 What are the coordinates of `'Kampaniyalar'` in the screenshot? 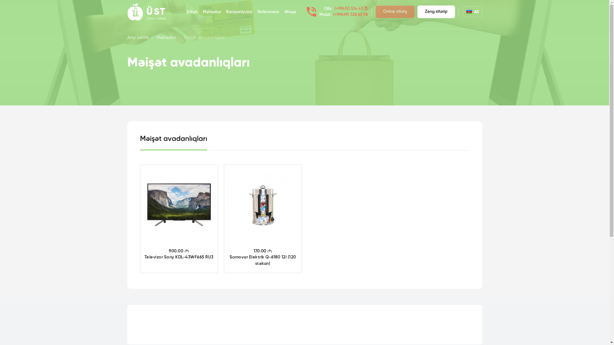 It's located at (239, 12).